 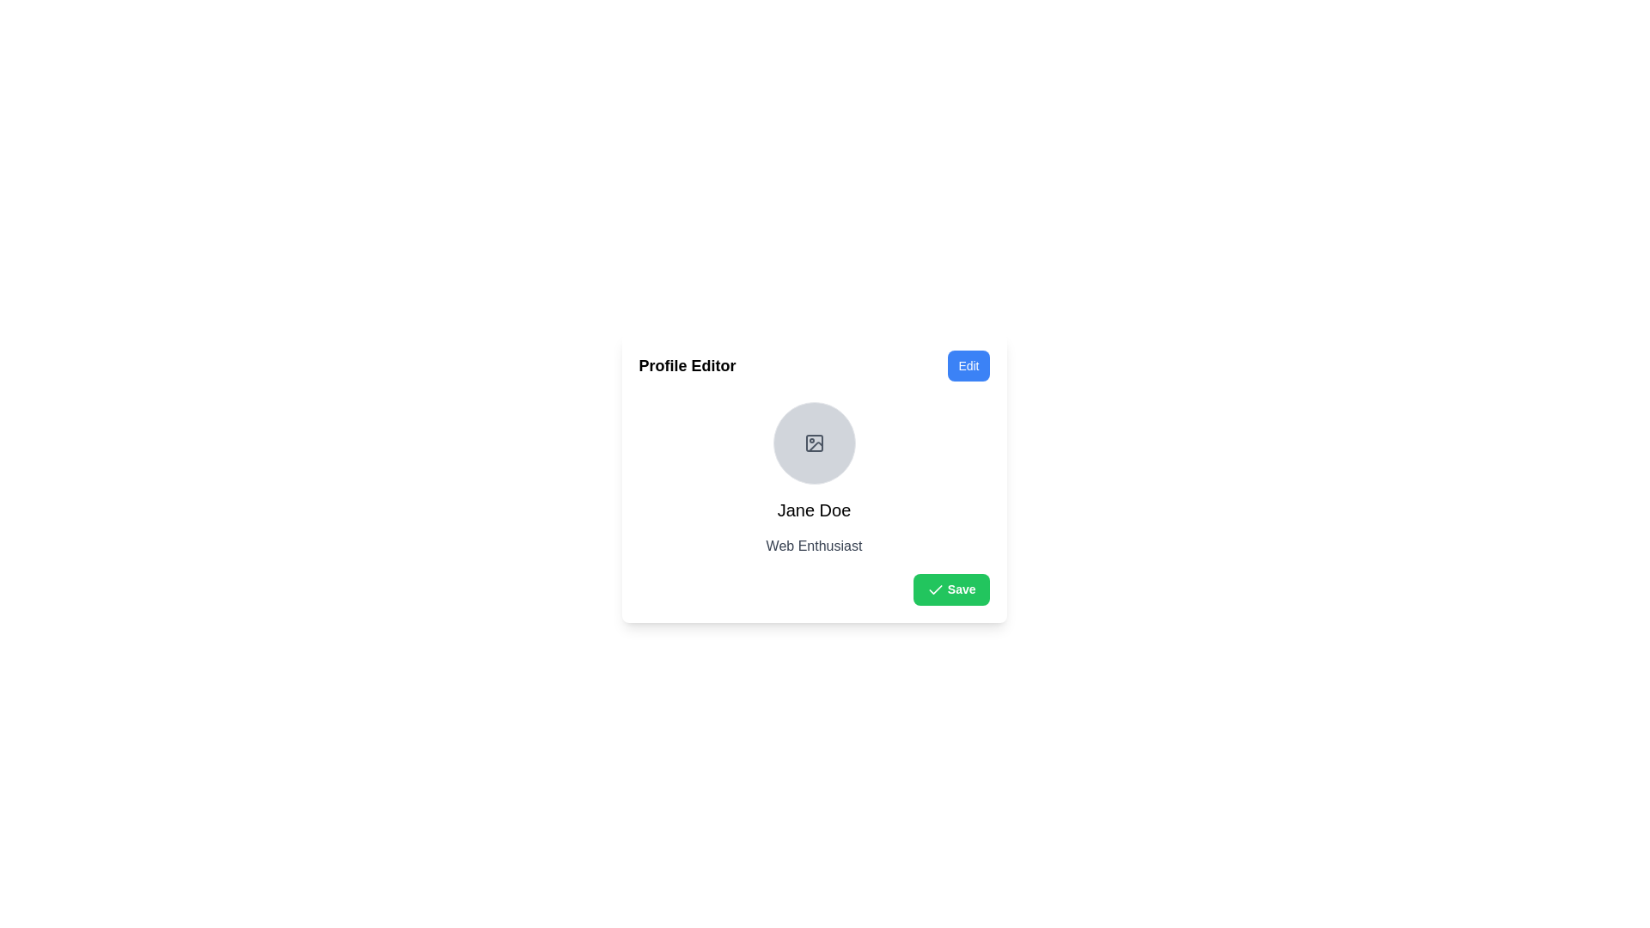 What do you see at coordinates (813, 510) in the screenshot?
I see `the bold text label 'Jane Doe' located centrally under the circular placeholder image` at bounding box center [813, 510].